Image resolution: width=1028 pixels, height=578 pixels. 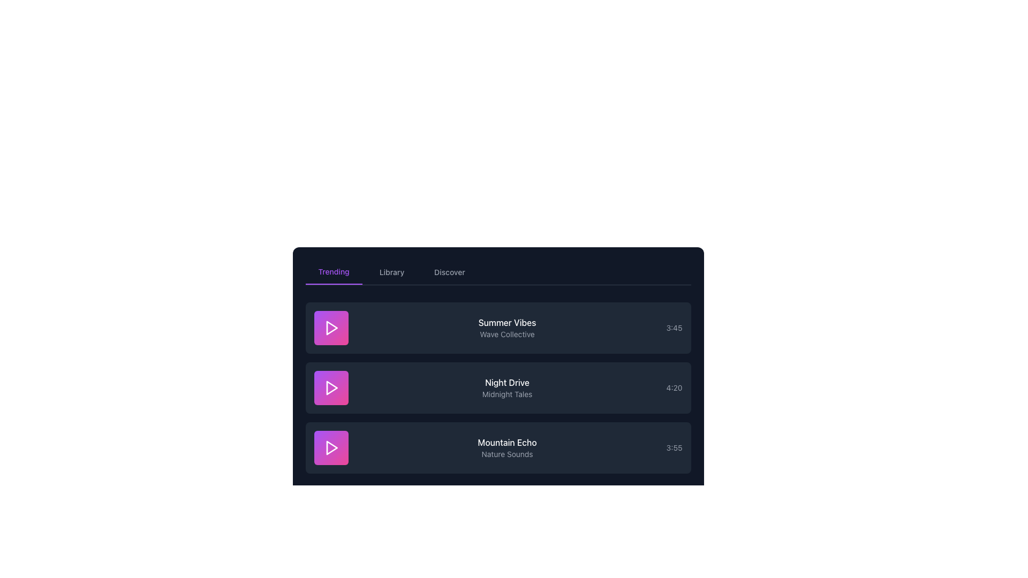 What do you see at coordinates (497, 388) in the screenshot?
I see `the second music entry 'Night Drive' in the clickable list` at bounding box center [497, 388].